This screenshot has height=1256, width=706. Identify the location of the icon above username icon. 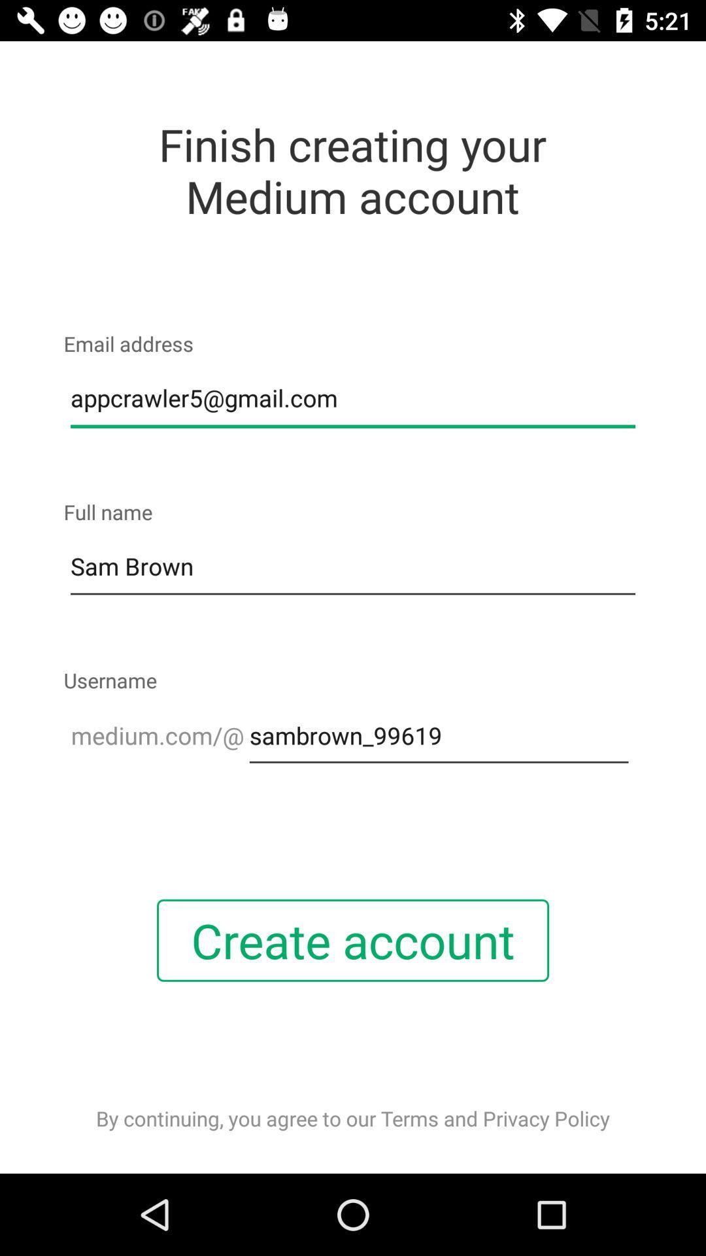
(353, 567).